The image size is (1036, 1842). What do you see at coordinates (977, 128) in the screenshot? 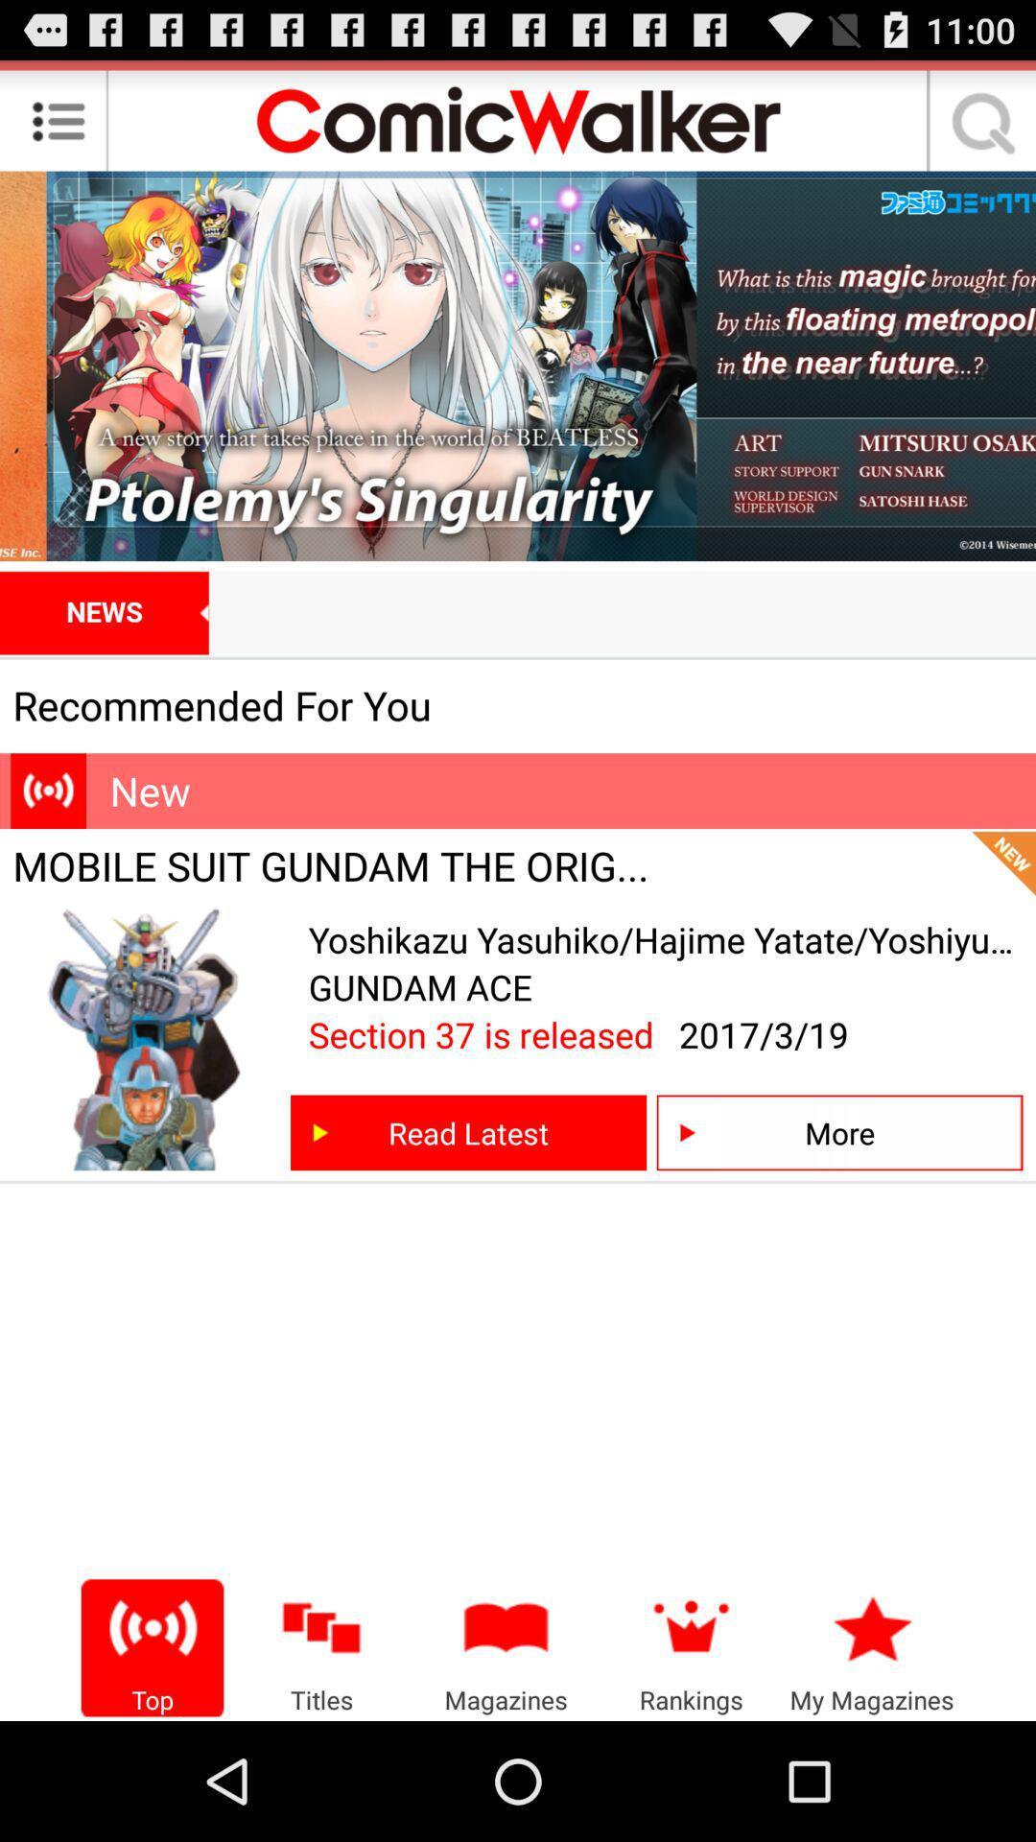
I see `the search icon` at bounding box center [977, 128].